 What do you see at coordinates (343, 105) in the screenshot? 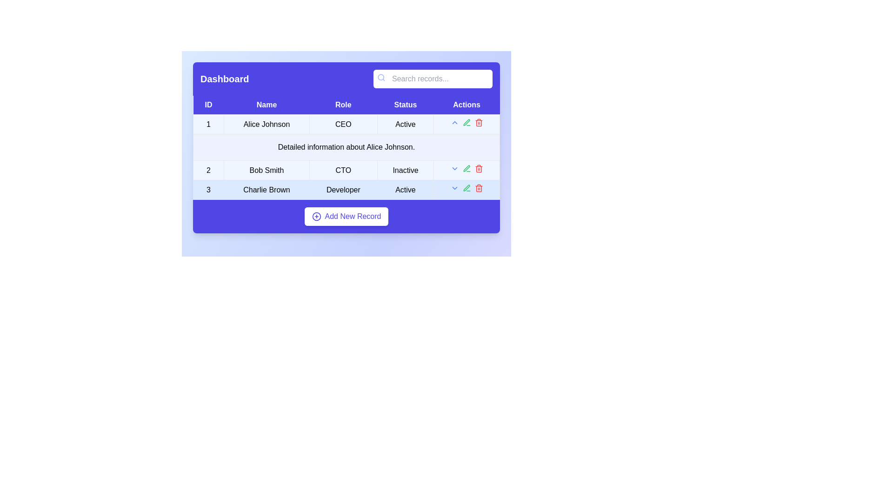
I see `the static text label displaying 'Role', which is located in the third column header of a table between 'Name' and 'Status' headers, featuring white text on a purple background` at bounding box center [343, 105].